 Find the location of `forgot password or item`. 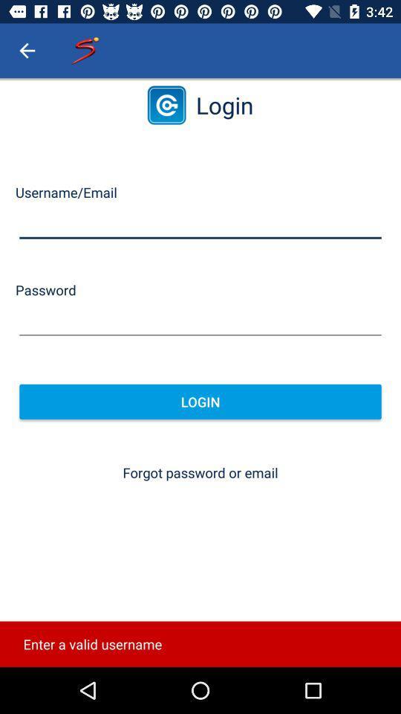

forgot password or item is located at coordinates (200, 472).